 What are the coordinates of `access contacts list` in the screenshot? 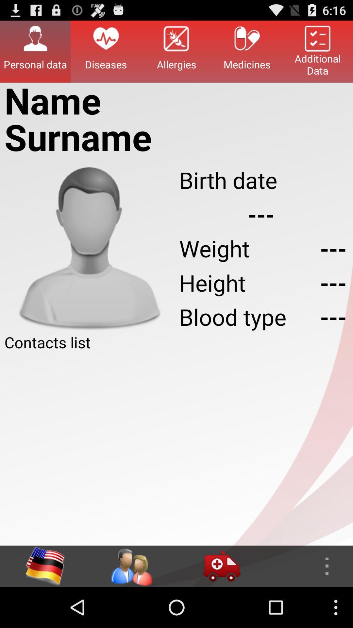 It's located at (131, 566).